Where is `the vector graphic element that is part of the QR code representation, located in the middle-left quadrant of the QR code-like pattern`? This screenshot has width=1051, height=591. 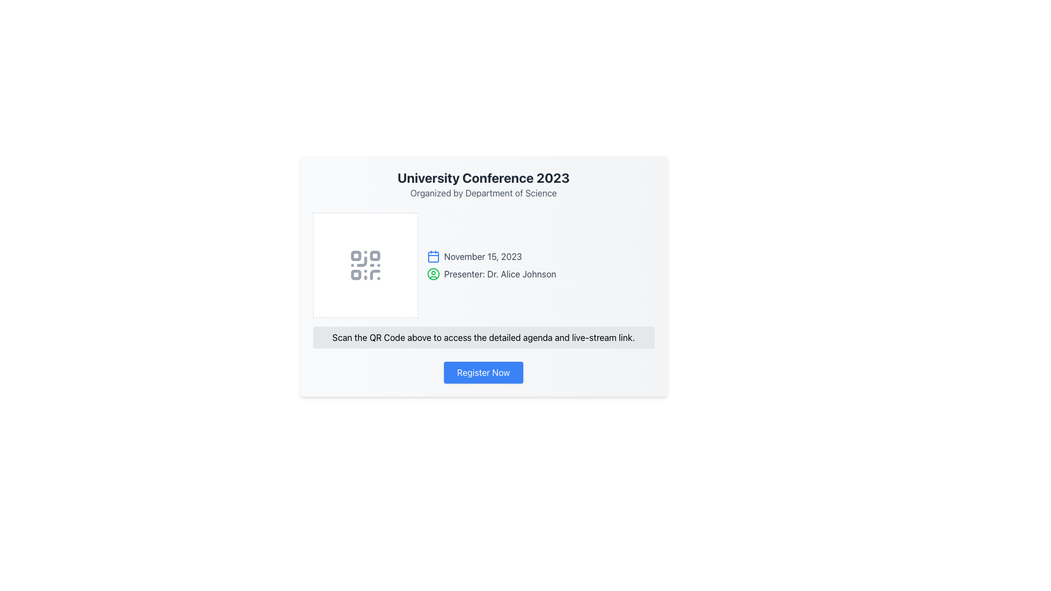
the vector graphic element that is part of the QR code representation, located in the middle-left quadrant of the QR code-like pattern is located at coordinates (361, 262).